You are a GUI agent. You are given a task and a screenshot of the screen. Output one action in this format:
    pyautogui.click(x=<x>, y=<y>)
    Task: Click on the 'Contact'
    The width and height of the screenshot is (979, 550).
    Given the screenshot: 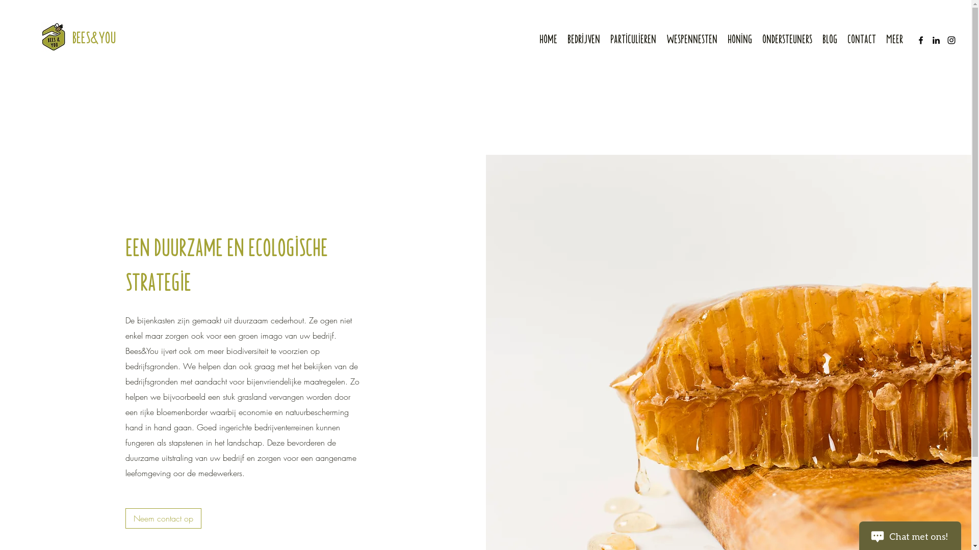 What is the action you would take?
    pyautogui.click(x=842, y=38)
    